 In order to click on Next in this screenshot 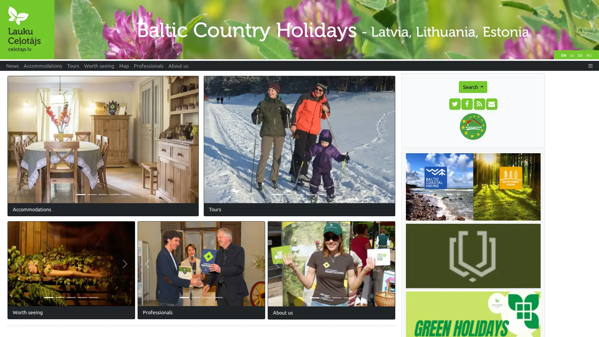, I will do `click(255, 264)`.